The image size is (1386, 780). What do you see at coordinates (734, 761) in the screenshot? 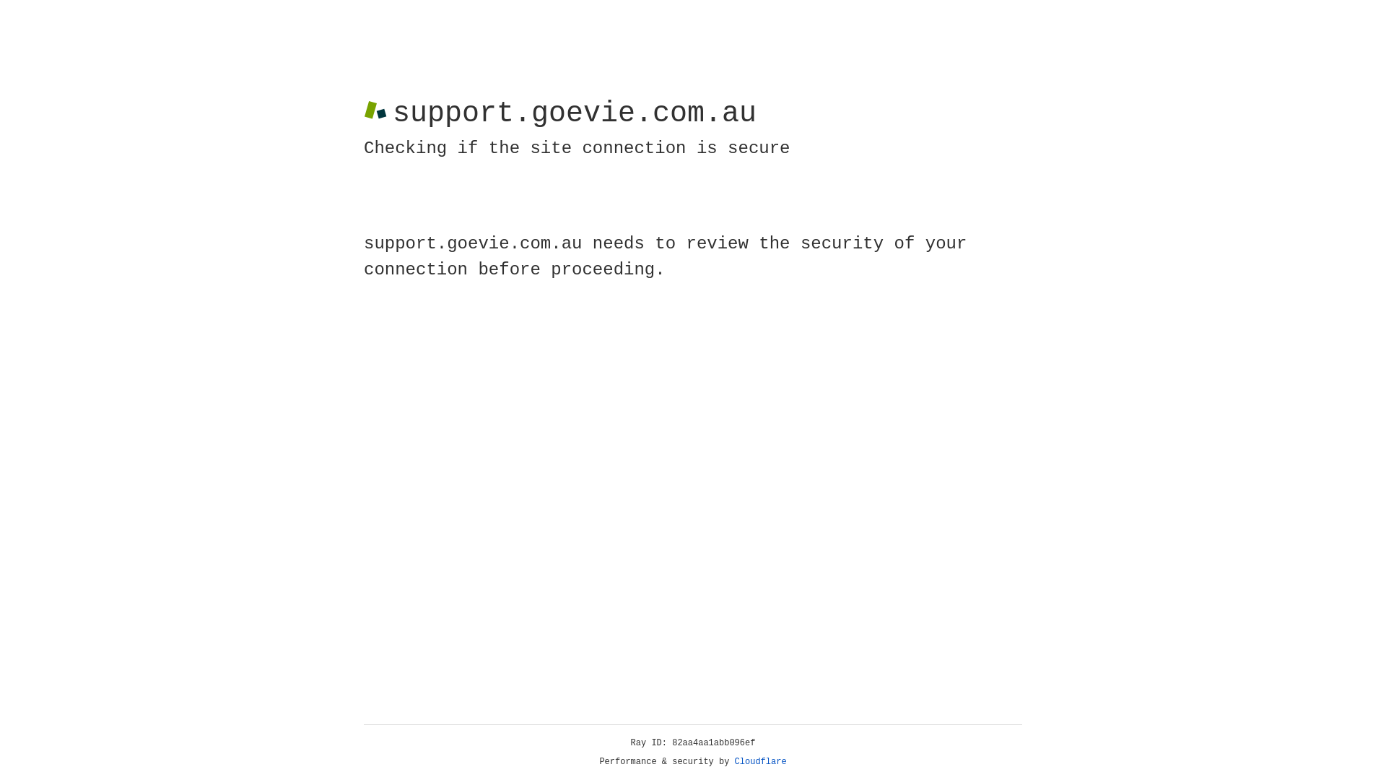
I see `'Cloudflare'` at bounding box center [734, 761].